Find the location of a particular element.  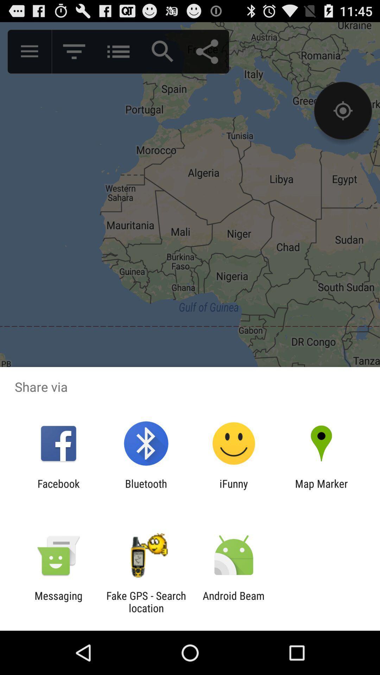

map marker at the bottom right corner is located at coordinates (321, 489).